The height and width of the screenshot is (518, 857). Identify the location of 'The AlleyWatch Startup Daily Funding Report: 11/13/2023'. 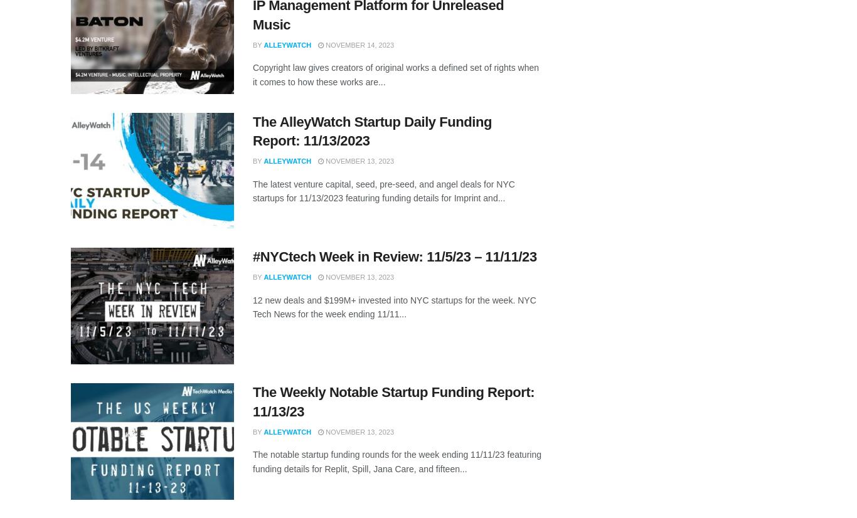
(371, 130).